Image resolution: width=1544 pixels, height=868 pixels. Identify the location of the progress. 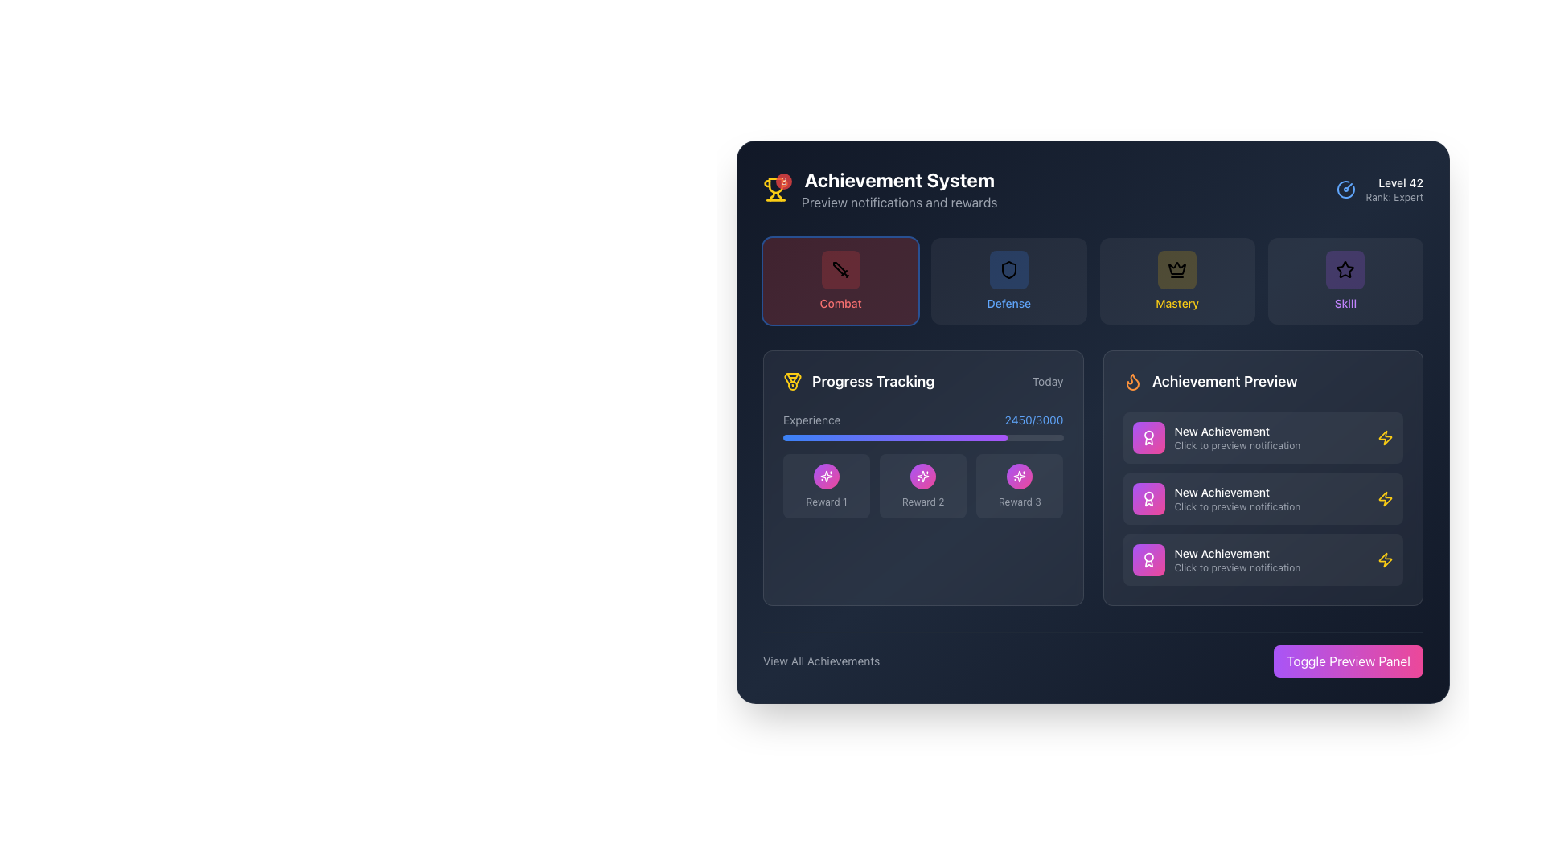
(1061, 437).